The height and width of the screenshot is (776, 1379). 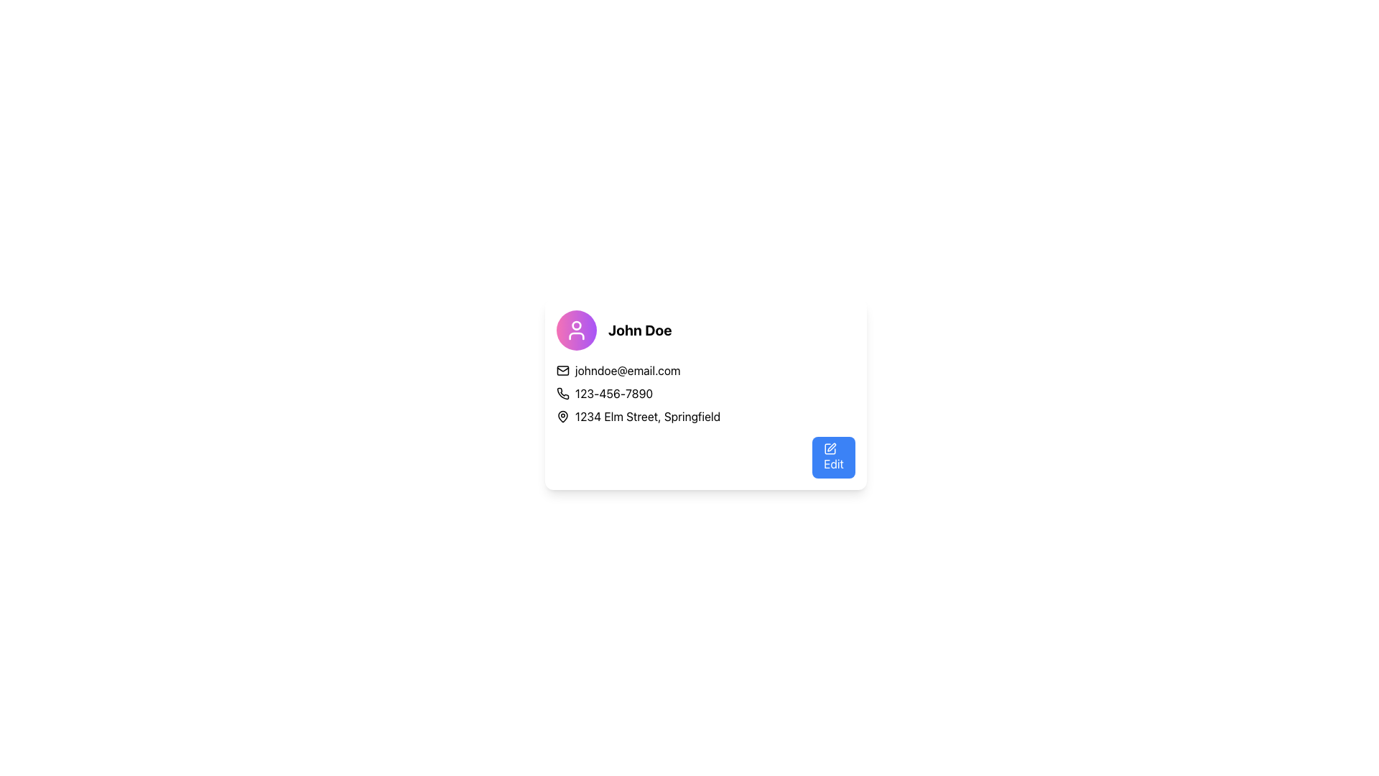 I want to click on the static text displaying the email 'johndoe@email.com' which is located below the name 'John Doe' in the user information card, so click(x=628, y=370).